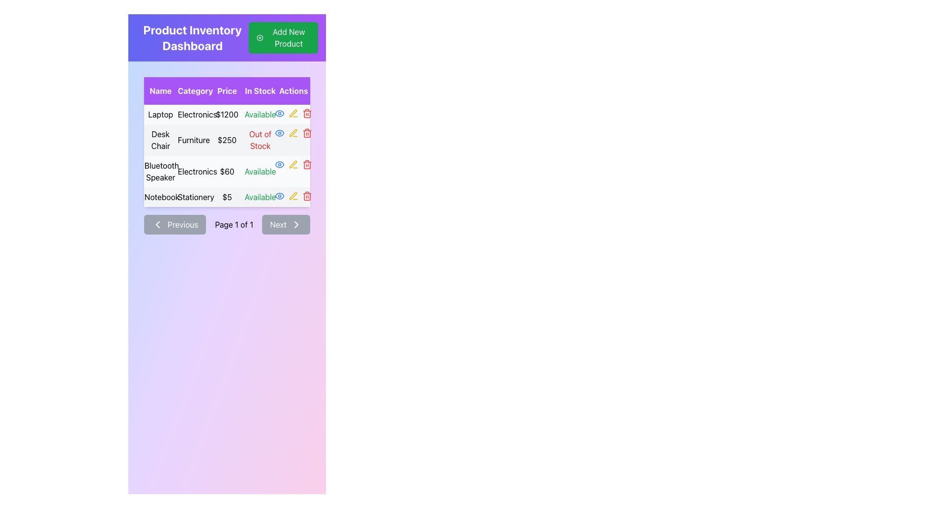 The image size is (944, 531). Describe the element at coordinates (296, 224) in the screenshot. I see `the chevron icon located centrally within the 'Next' button` at that location.